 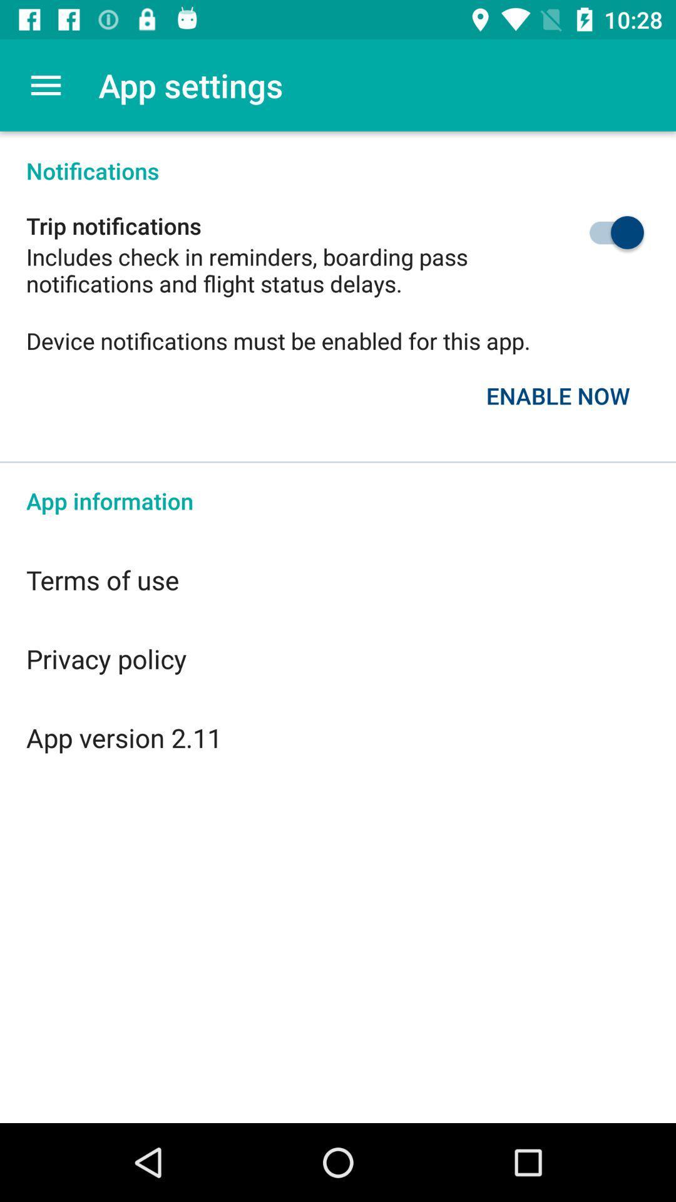 I want to click on turn on notifications, so click(x=587, y=232).